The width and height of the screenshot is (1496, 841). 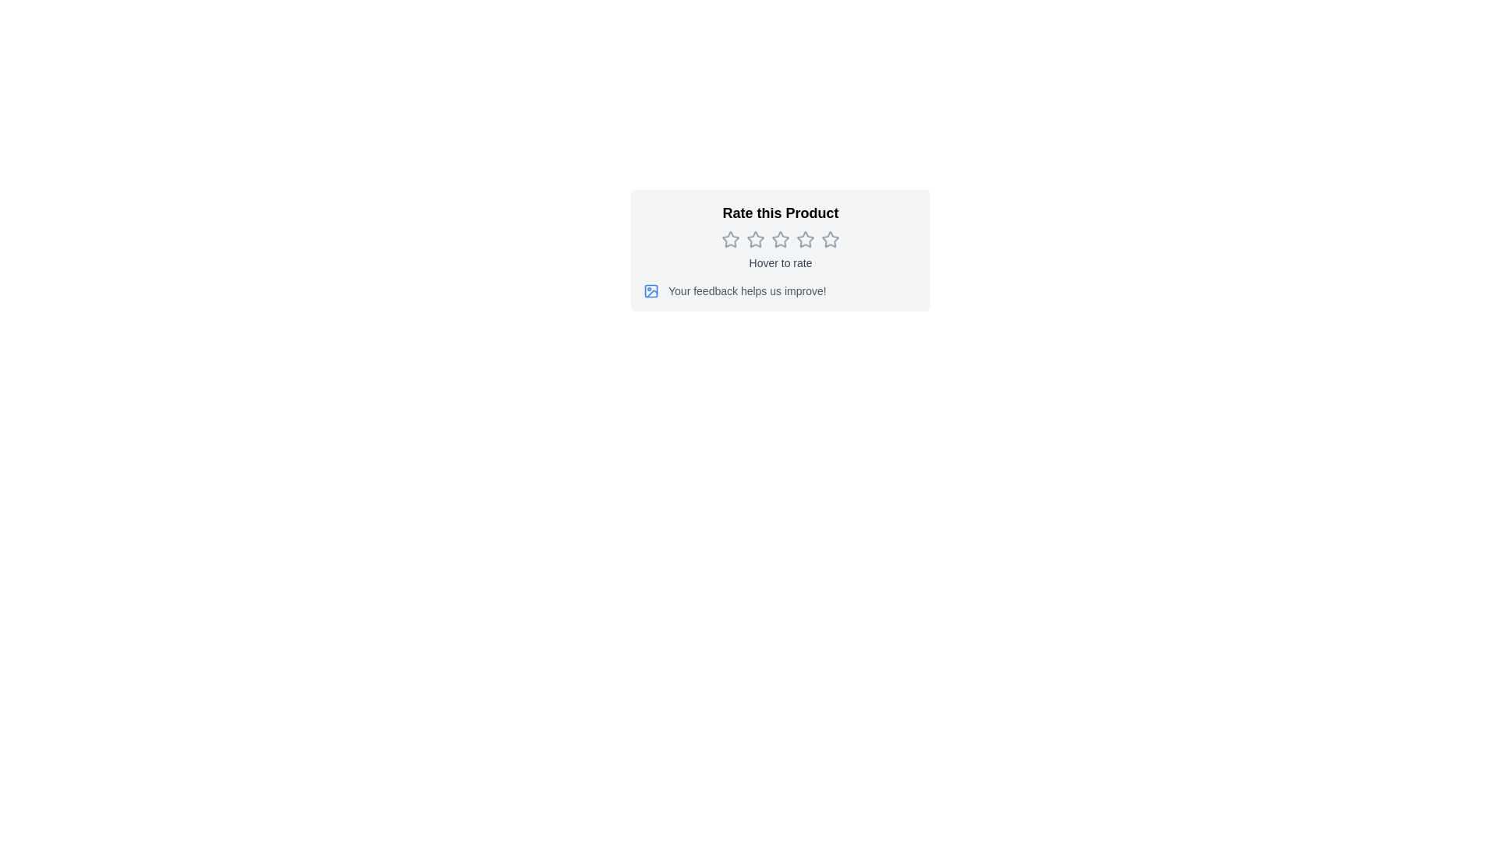 I want to click on the third star in the five-star rating system, so click(x=805, y=239).